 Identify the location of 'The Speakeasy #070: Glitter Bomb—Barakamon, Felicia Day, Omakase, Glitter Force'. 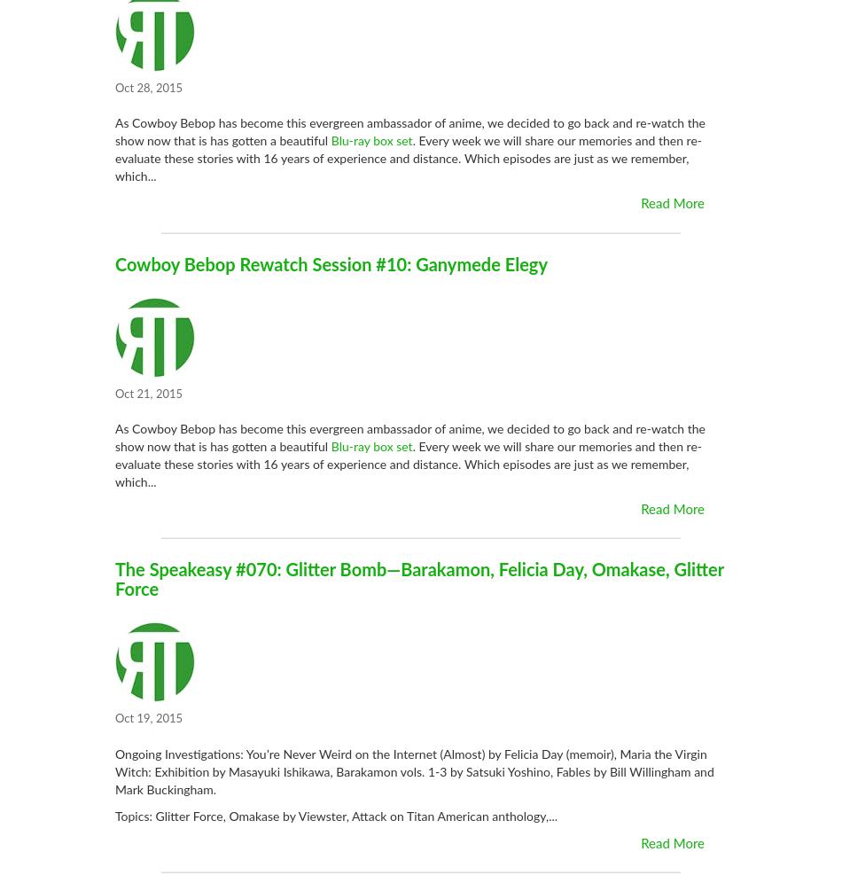
(418, 580).